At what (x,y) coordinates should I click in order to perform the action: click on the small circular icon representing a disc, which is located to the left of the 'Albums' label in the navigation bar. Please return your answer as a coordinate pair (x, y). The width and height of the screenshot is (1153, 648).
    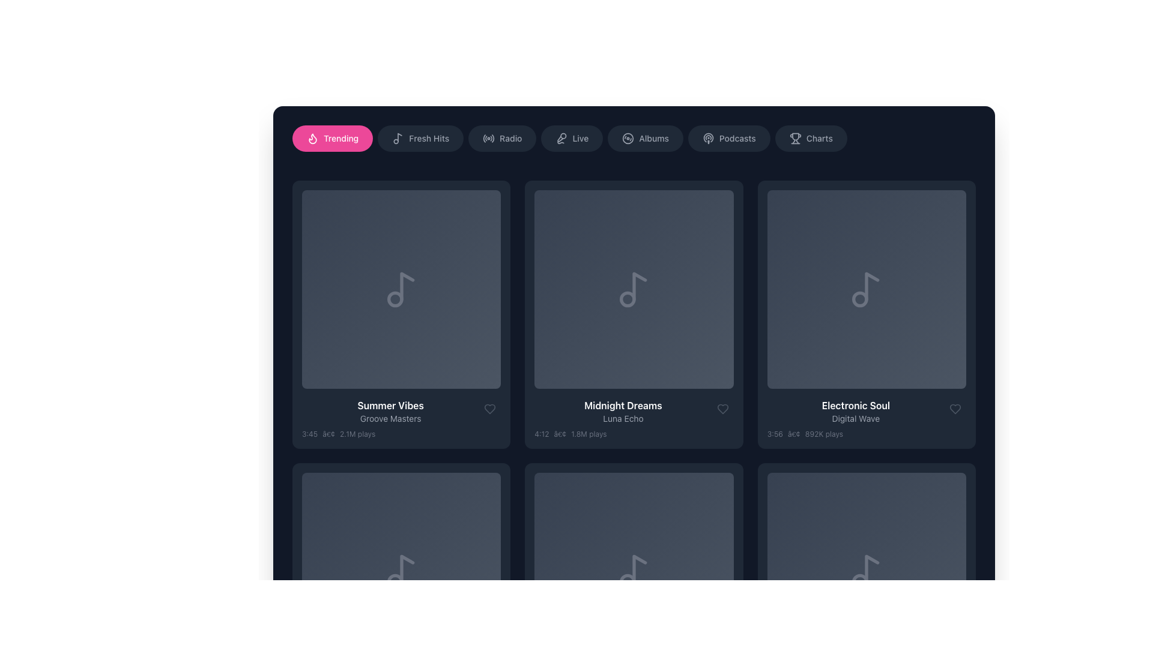
    Looking at the image, I should click on (628, 138).